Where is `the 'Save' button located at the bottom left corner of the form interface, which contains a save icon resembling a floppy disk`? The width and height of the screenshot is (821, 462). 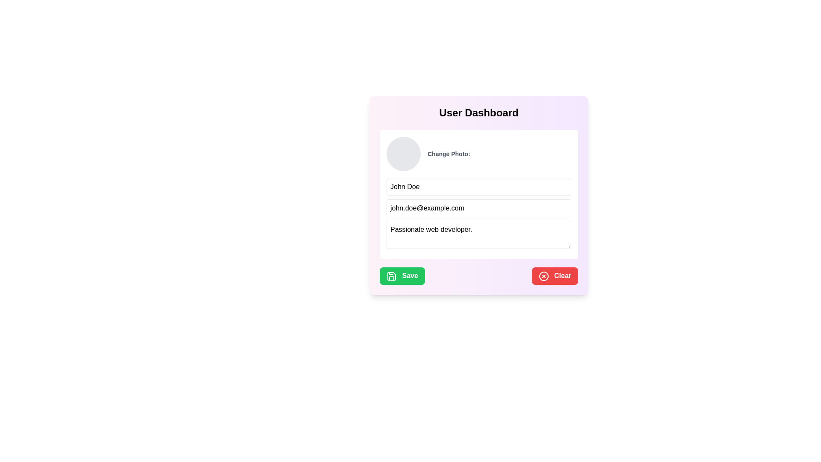 the 'Save' button located at the bottom left corner of the form interface, which contains a save icon resembling a floppy disk is located at coordinates (391, 275).